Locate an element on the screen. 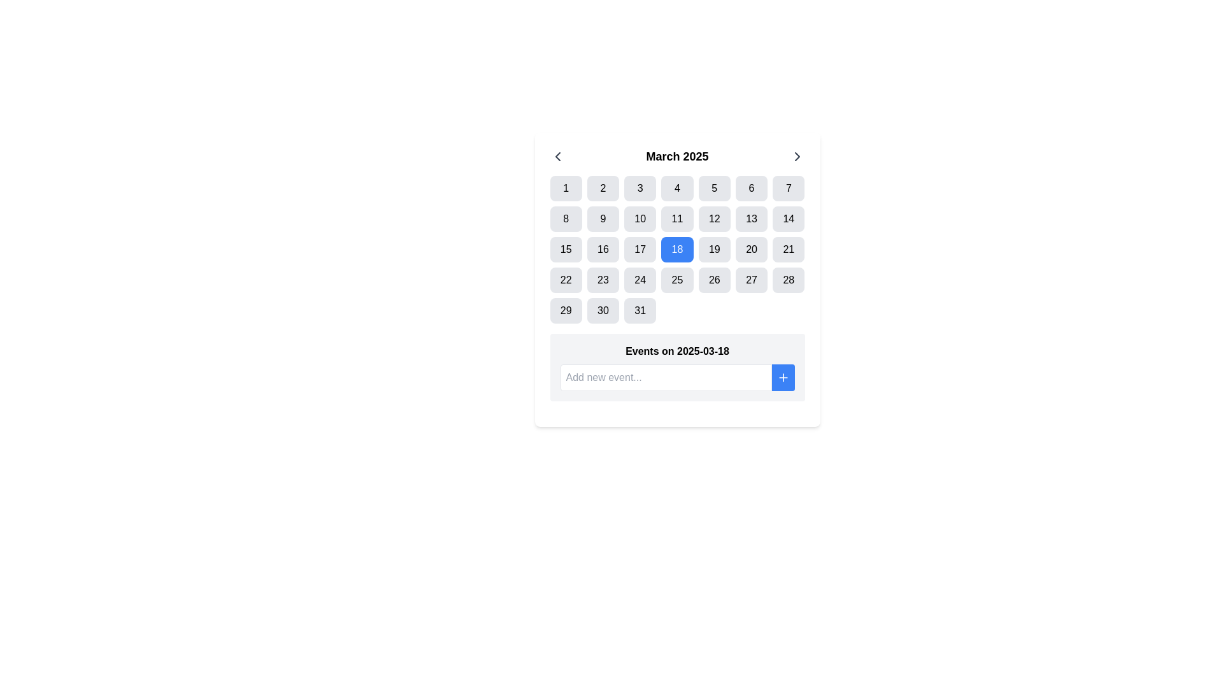 The image size is (1223, 688). the selectable date button in the calendar grid for March 2025, located in the first row and third column, for additional information is located at coordinates (640, 189).